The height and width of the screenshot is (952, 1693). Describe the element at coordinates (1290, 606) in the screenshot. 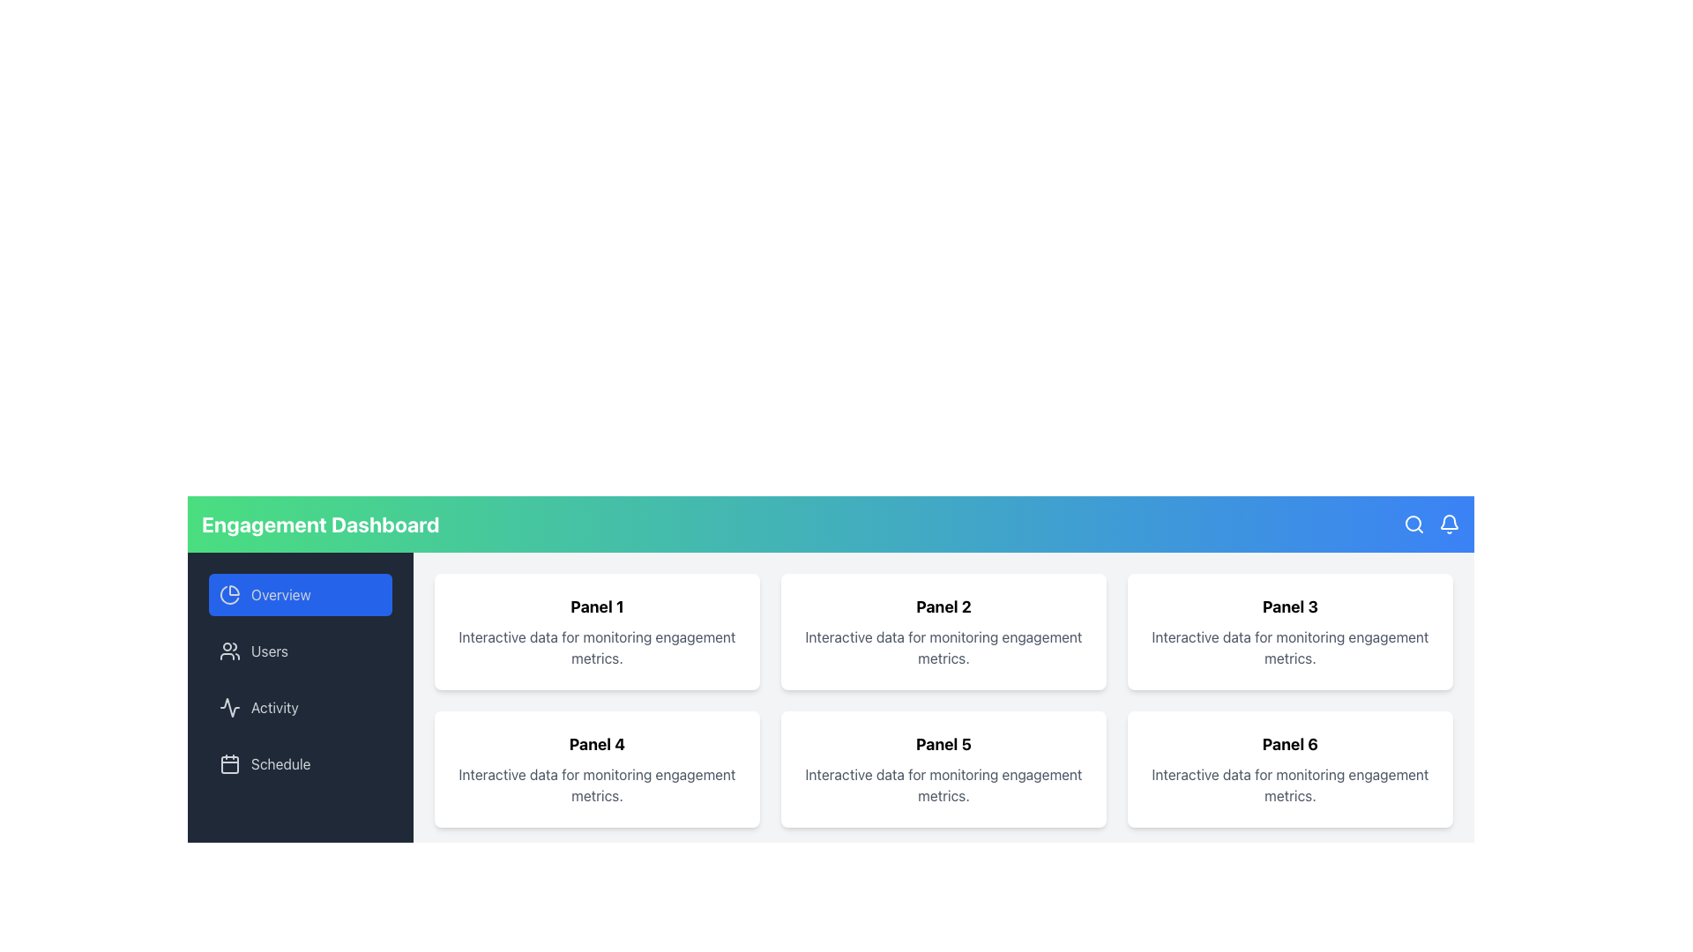

I see `the title text display located at the top section of the first card panel in the second row of the grid layout on the dashboard` at that location.